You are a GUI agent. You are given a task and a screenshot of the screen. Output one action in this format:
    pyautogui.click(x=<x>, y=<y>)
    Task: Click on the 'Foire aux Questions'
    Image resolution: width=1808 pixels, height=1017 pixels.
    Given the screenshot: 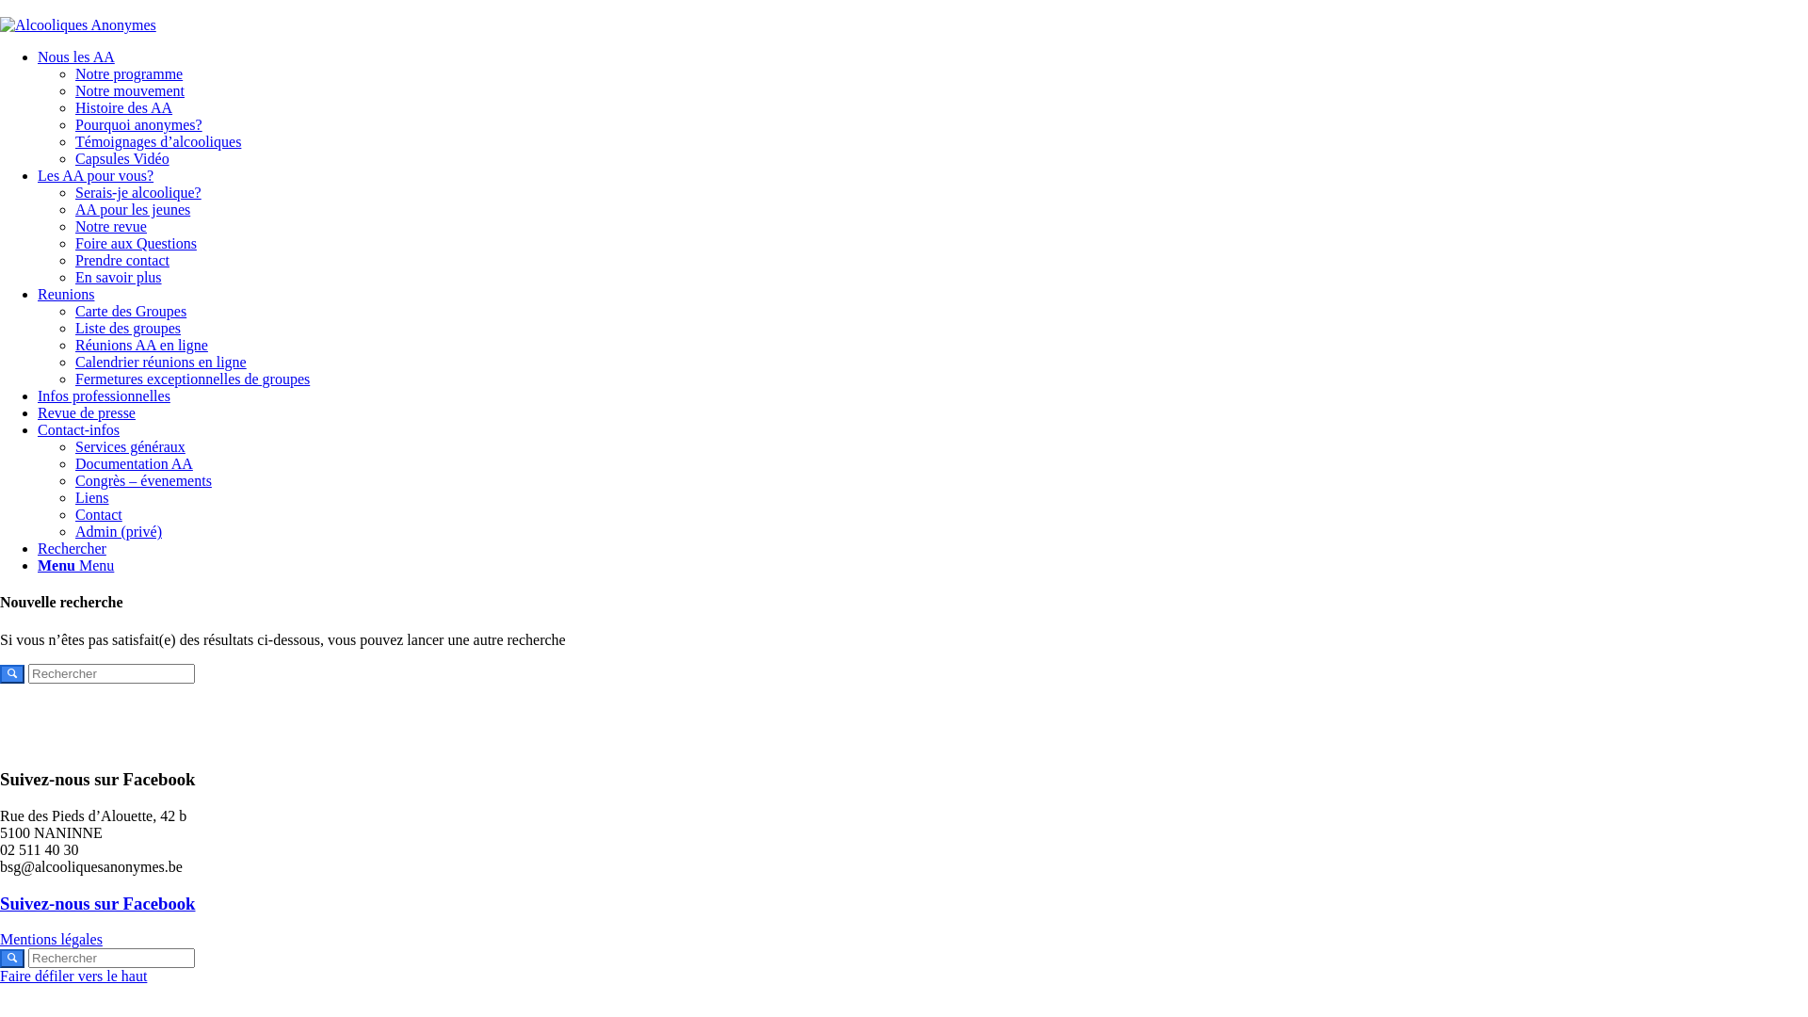 What is the action you would take?
    pyautogui.click(x=135, y=242)
    